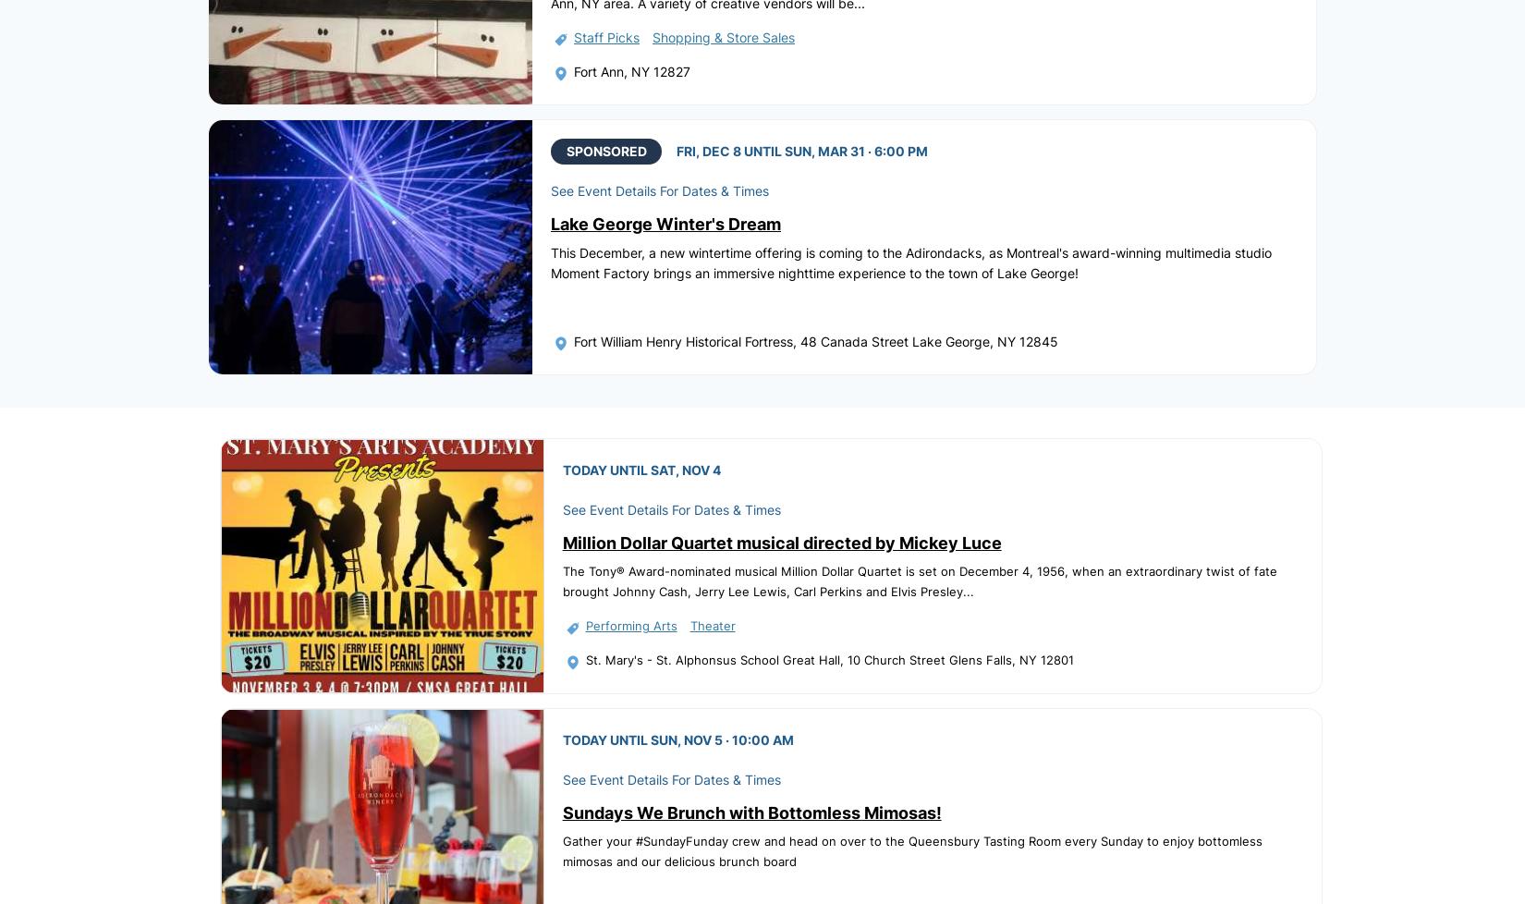  What do you see at coordinates (1099, 356) in the screenshot?
I see `'Blogs'` at bounding box center [1099, 356].